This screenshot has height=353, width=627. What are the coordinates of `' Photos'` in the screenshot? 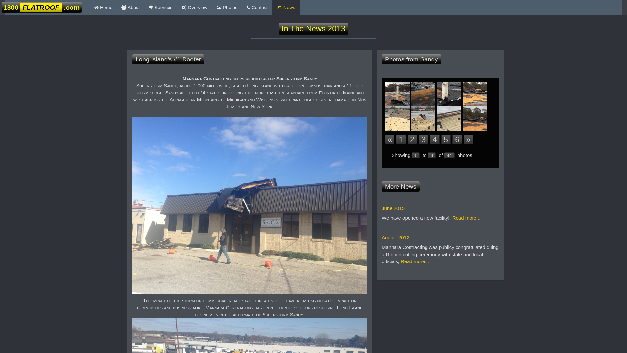 It's located at (227, 8).